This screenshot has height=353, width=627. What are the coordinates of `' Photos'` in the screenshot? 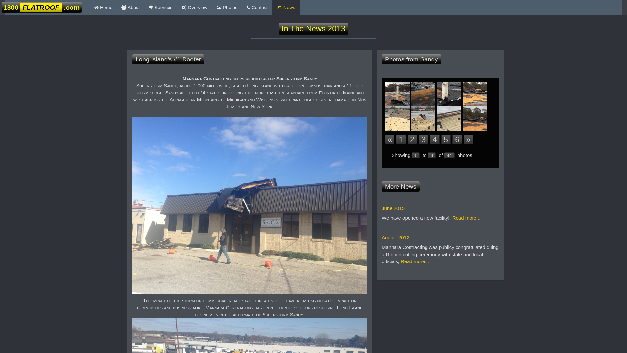 It's located at (227, 8).